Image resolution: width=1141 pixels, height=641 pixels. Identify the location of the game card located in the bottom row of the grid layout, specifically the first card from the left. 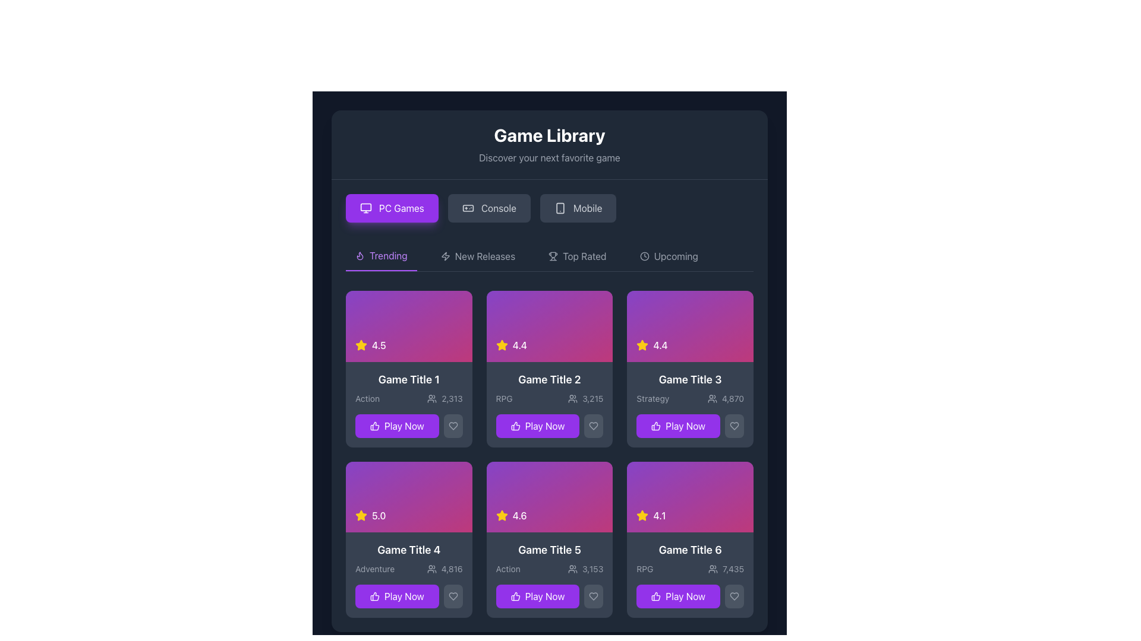
(409, 575).